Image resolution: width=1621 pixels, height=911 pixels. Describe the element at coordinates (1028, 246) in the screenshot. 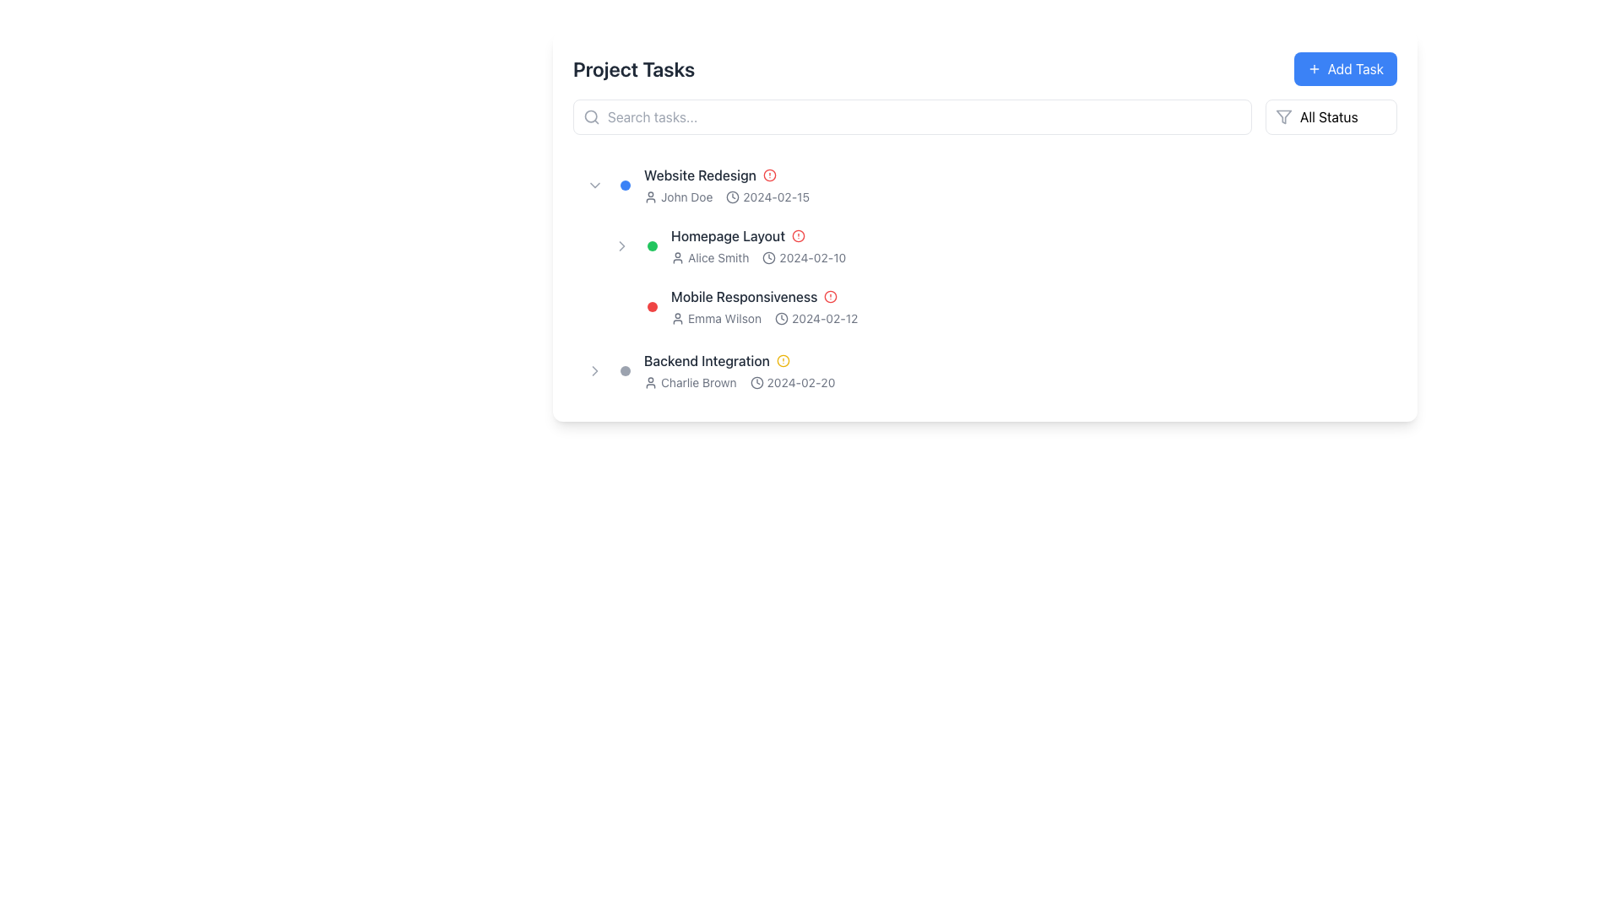

I see `the task entry element in the 'Project Tasks' section that contains a title, a name, and a date, which is positioned as the second row under 'Website Redesign'` at that location.